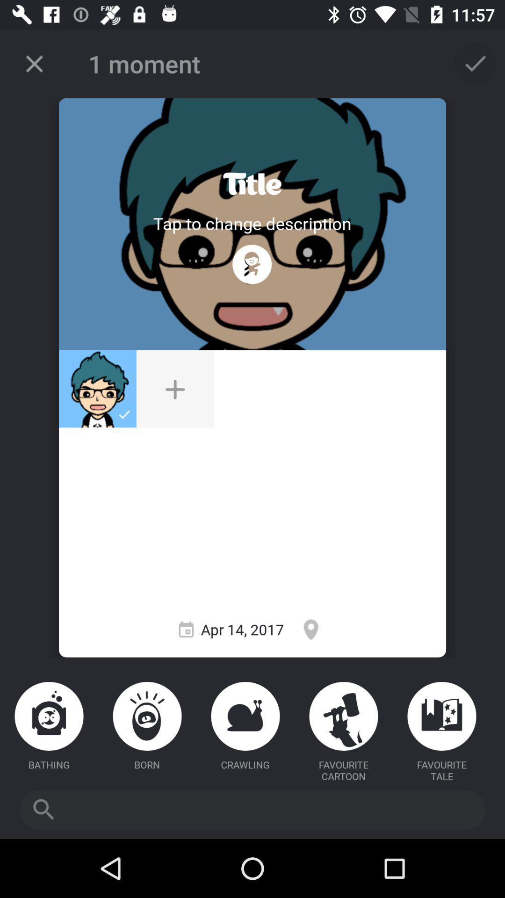  Describe the element at coordinates (476, 63) in the screenshot. I see `confirm` at that location.